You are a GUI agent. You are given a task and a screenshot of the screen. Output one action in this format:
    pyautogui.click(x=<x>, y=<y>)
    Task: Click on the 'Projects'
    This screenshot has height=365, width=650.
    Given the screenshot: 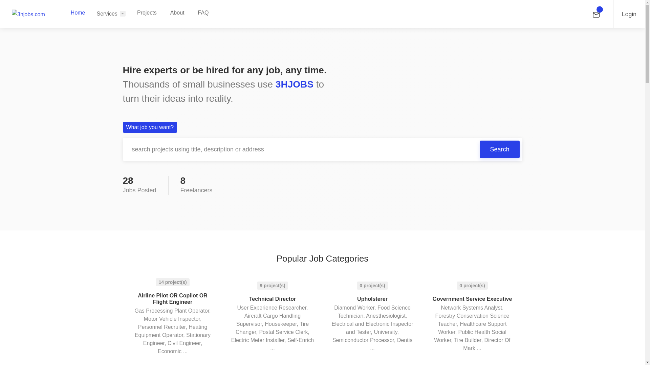 What is the action you would take?
    pyautogui.click(x=146, y=13)
    